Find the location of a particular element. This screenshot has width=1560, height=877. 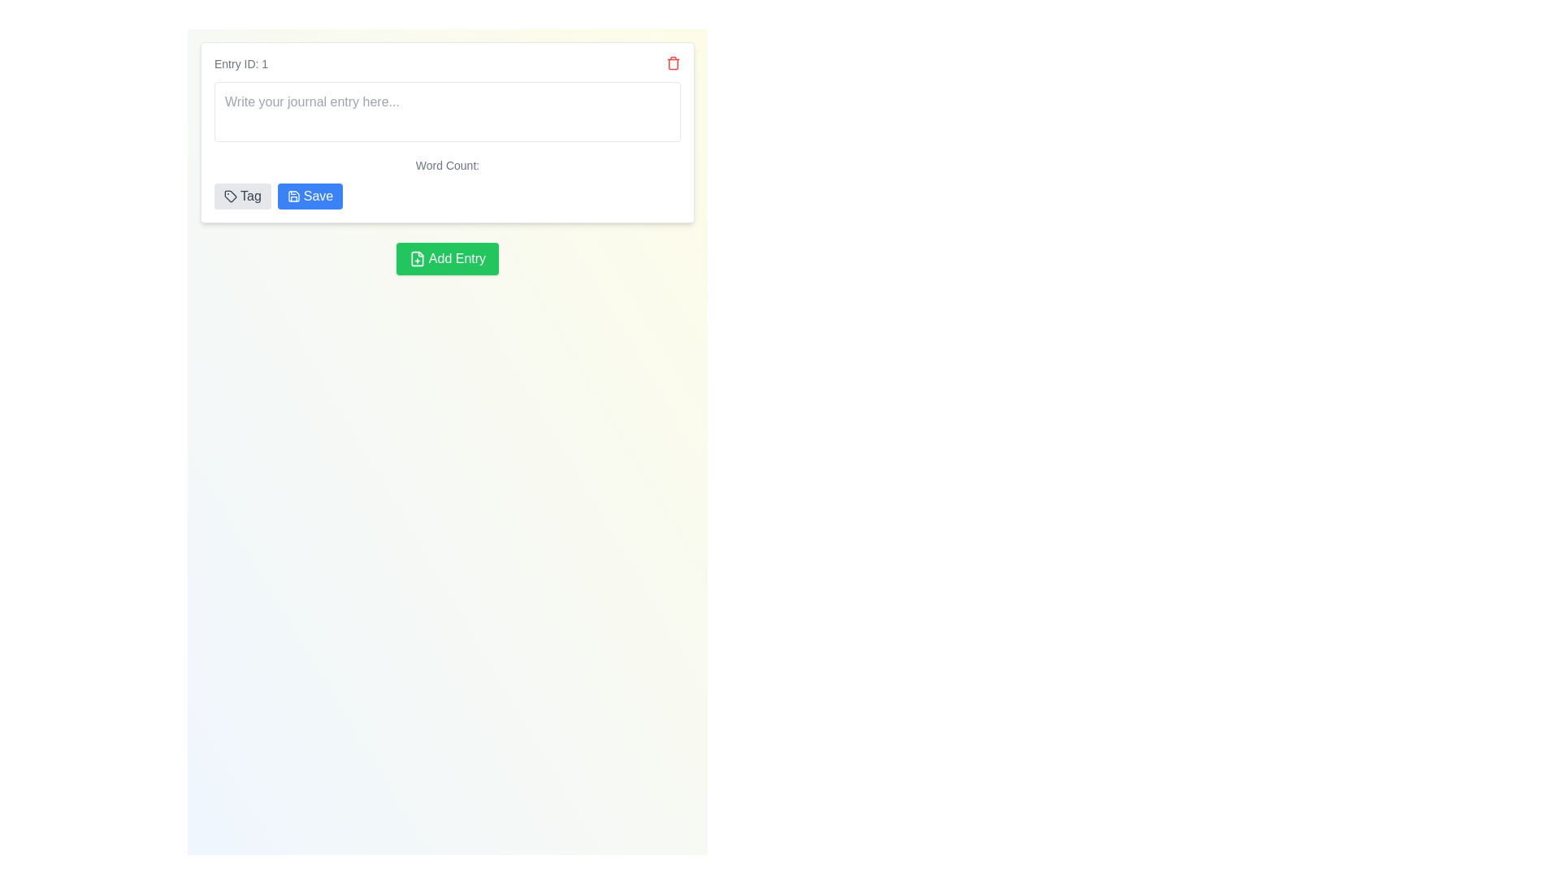

the SVG icon resembling a paper document with a plus sign, located on the left side of the green button labeled 'Add Entry' is located at coordinates (417, 258).